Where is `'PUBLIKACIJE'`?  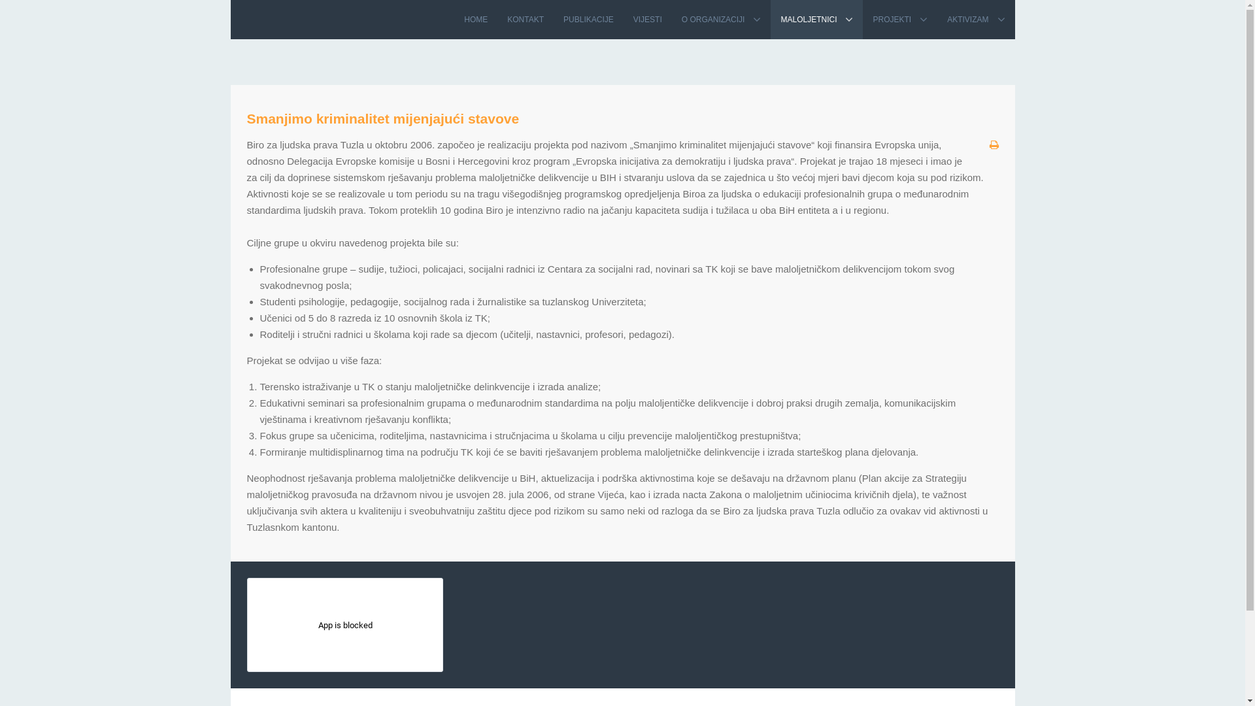
'PUBLIKACIJE' is located at coordinates (553, 20).